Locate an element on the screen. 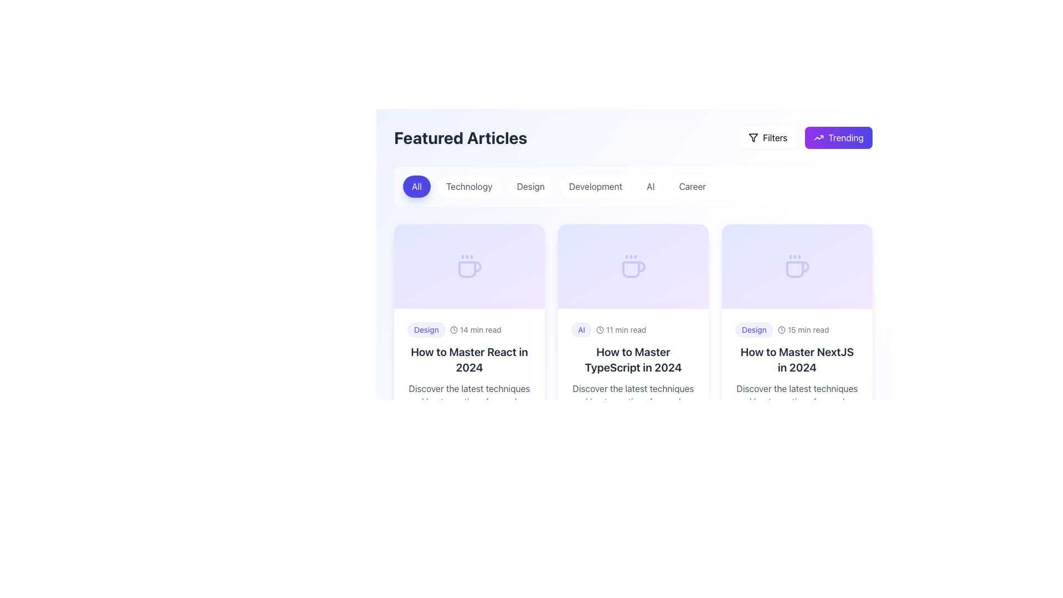 Image resolution: width=1063 pixels, height=598 pixels. non-interactive text and icon group component displaying the label 'AI', the clock icon, and the text '11 min read', located in the second column of the card grid under 'Featured Articles' is located at coordinates (633, 329).